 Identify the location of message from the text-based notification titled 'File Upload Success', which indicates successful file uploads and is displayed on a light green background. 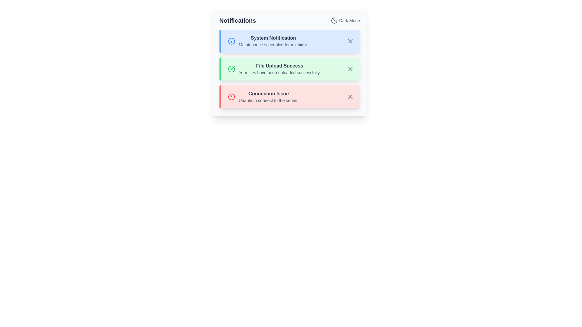
(279, 68).